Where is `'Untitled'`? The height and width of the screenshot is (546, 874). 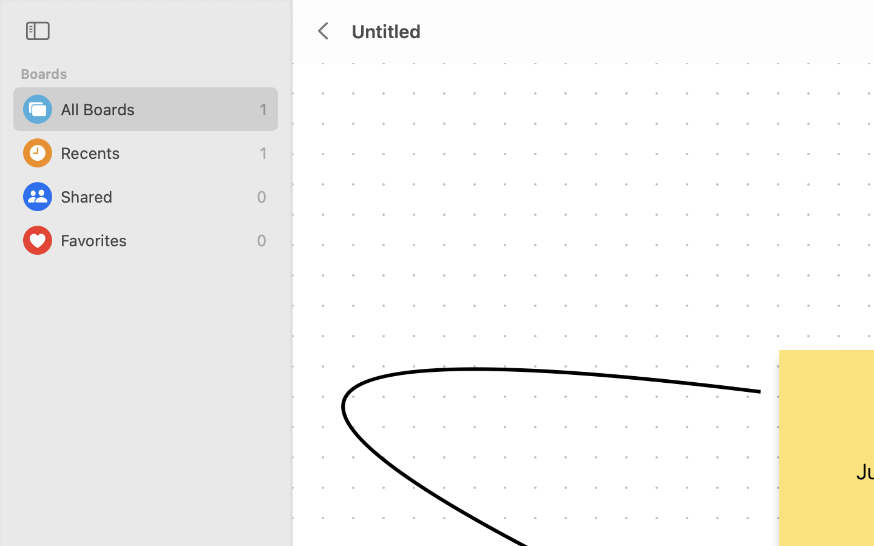
'Untitled' is located at coordinates (385, 30).